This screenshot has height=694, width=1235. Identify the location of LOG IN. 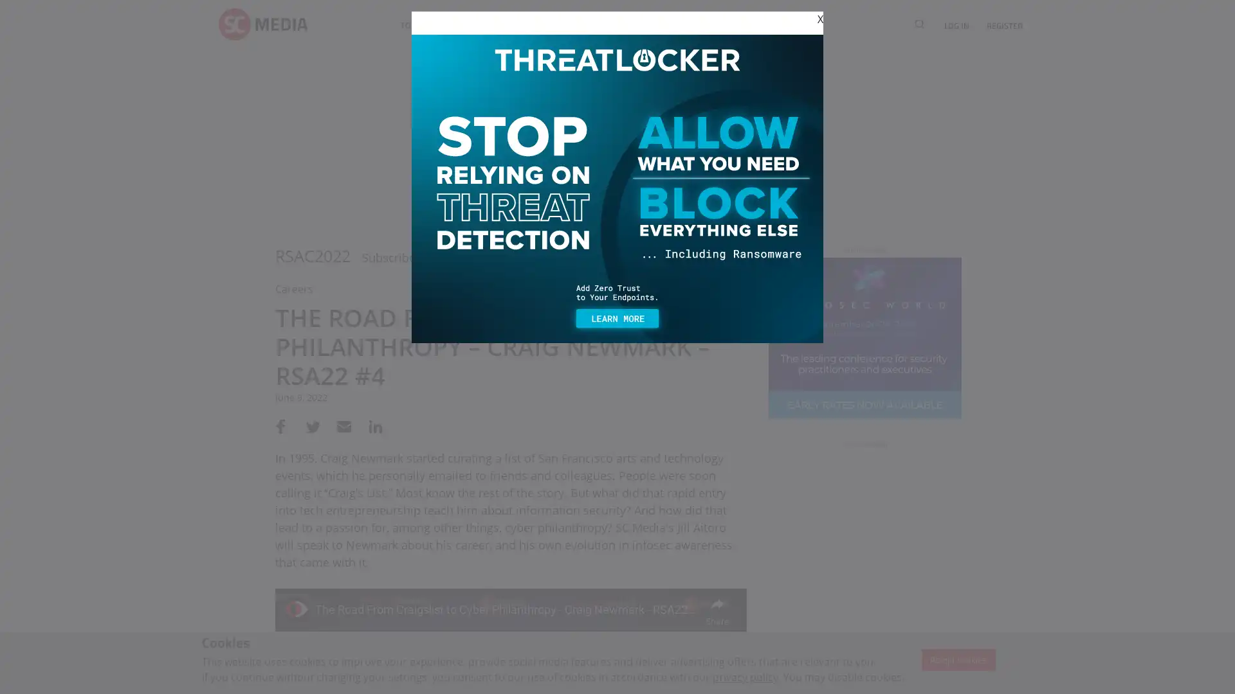
(956, 25).